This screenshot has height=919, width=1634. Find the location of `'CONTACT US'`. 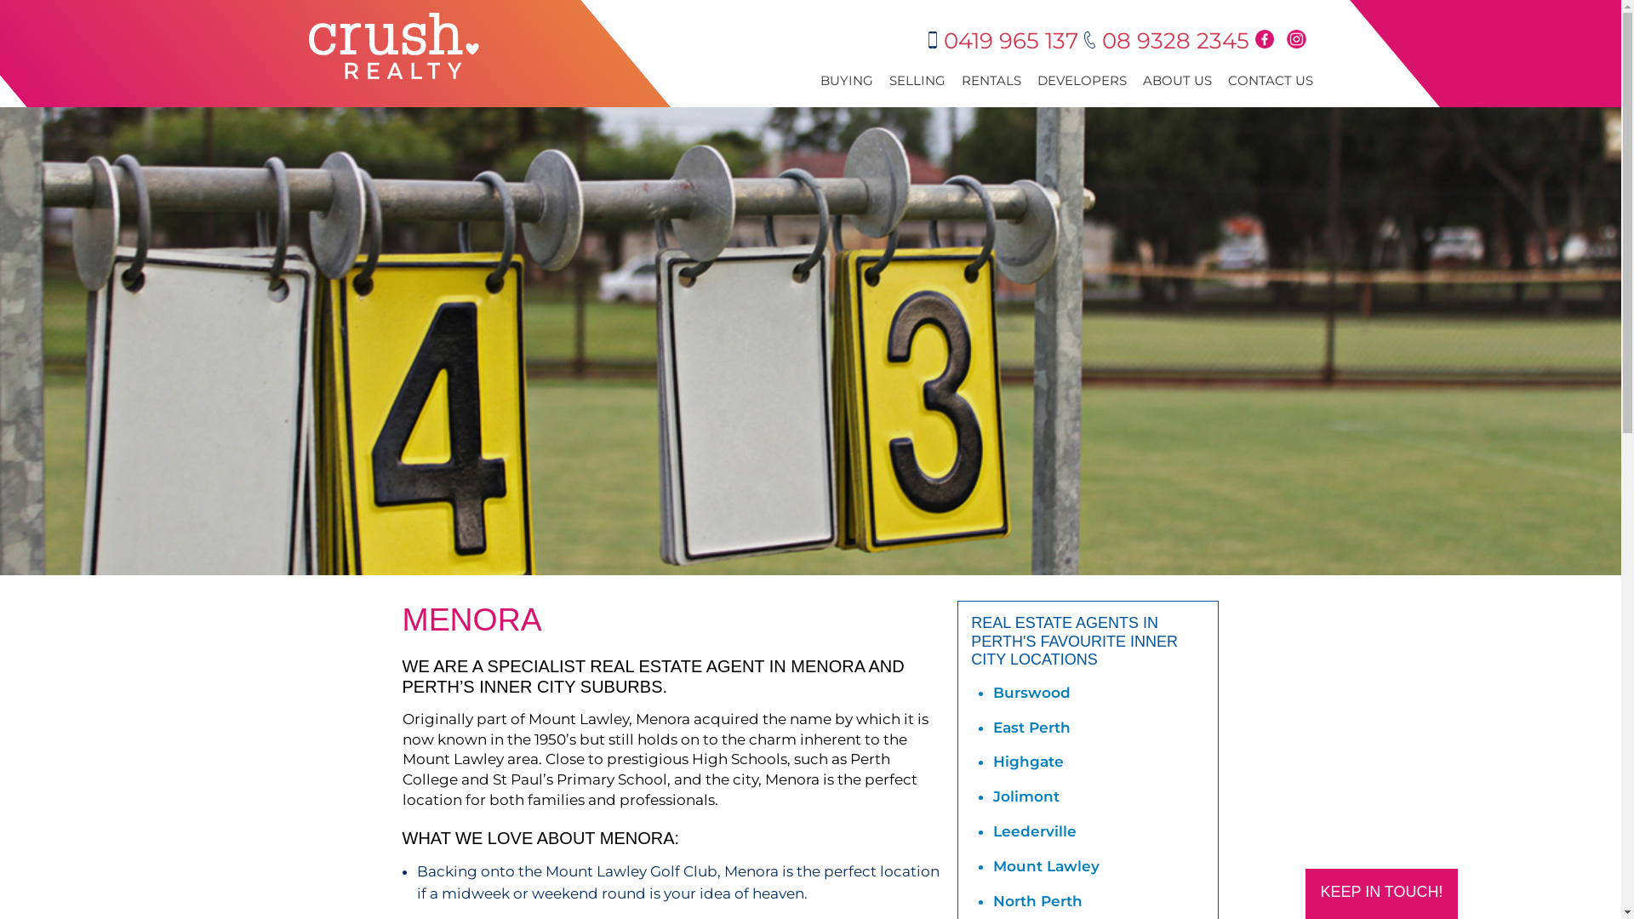

'CONTACT US' is located at coordinates (1270, 82).